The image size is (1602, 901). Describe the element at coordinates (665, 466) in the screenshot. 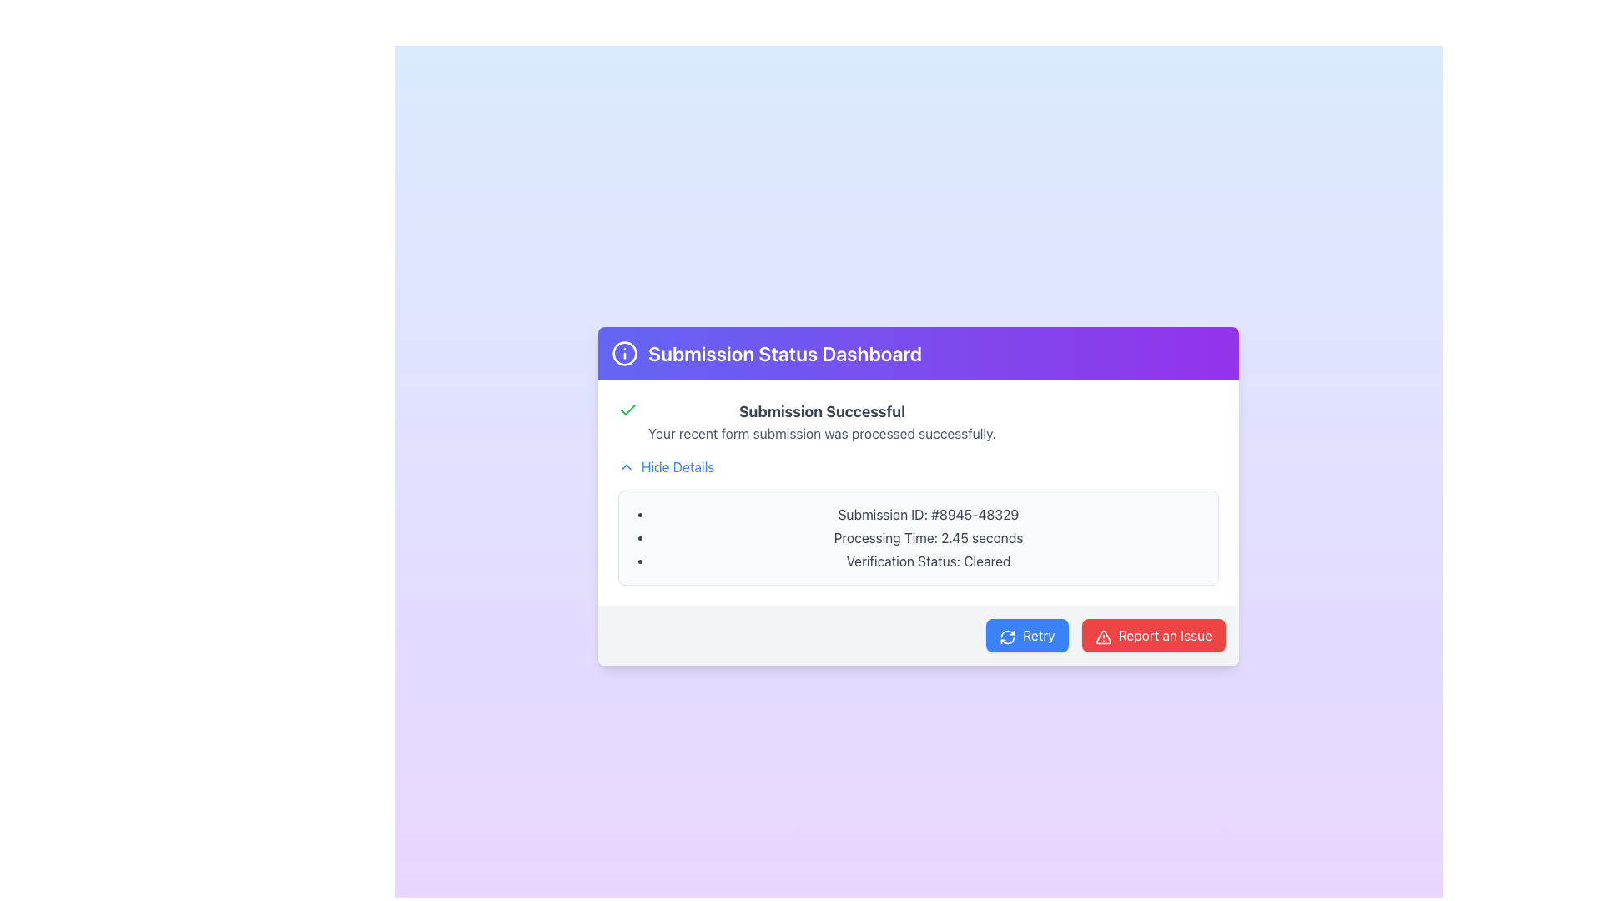

I see `the blue 'Hide Details' text link with an upward-facing chevron icon` at that location.